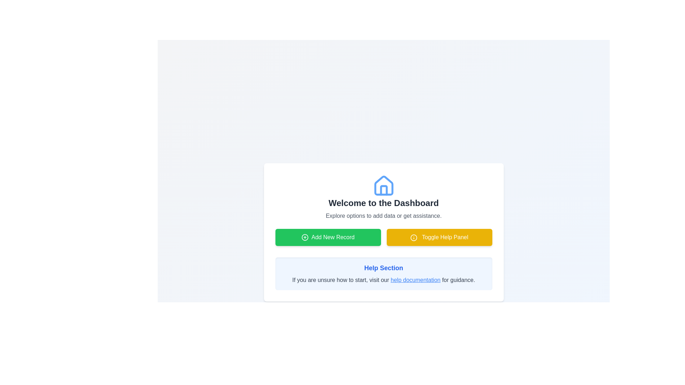 This screenshot has width=685, height=385. Describe the element at coordinates (415, 279) in the screenshot. I see `the hyperlink located in the bottom section of the card layout under the title 'Help Section'` at that location.